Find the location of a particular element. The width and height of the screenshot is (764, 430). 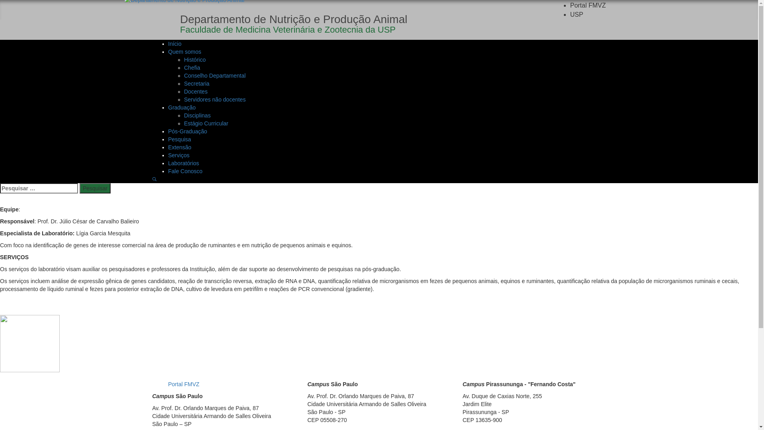

'Portal FMVZ' is located at coordinates (183, 383).